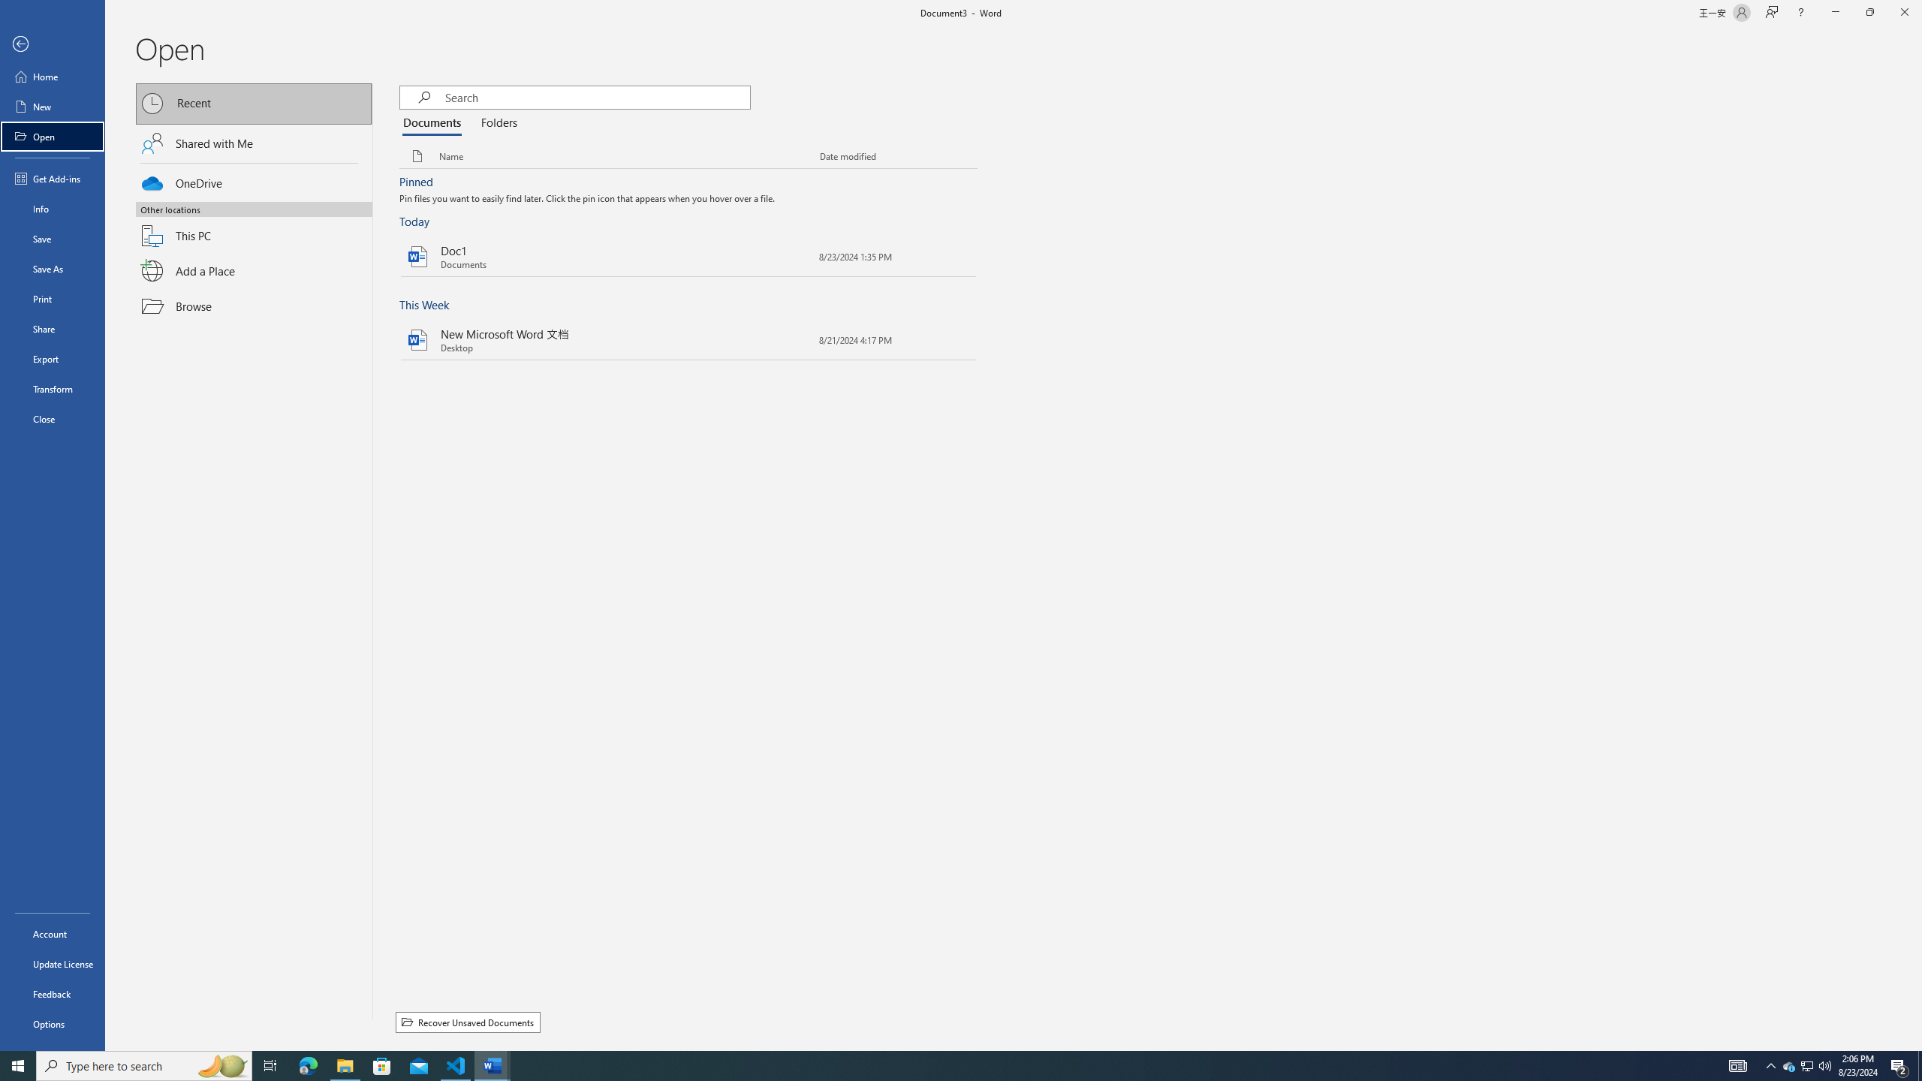 Image resolution: width=1922 pixels, height=1081 pixels. I want to click on 'Print', so click(52, 298).